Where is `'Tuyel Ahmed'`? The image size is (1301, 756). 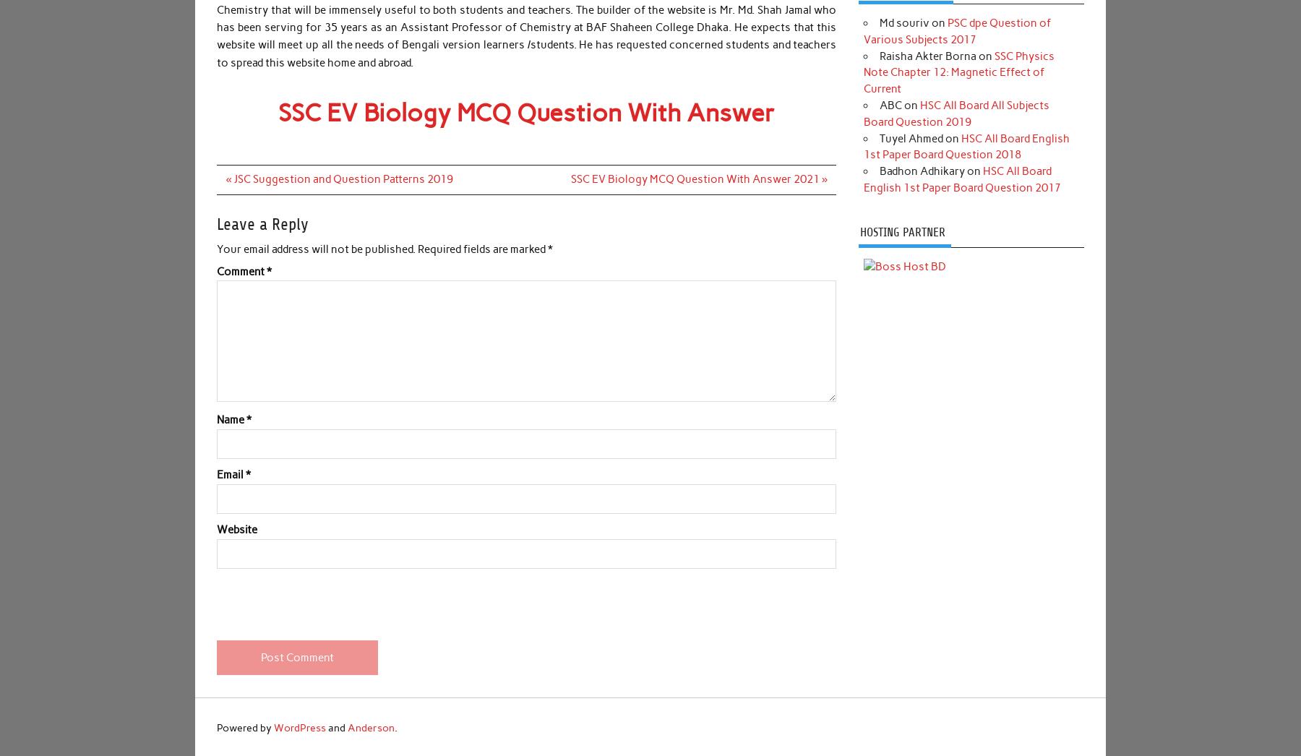 'Tuyel Ahmed' is located at coordinates (911, 137).